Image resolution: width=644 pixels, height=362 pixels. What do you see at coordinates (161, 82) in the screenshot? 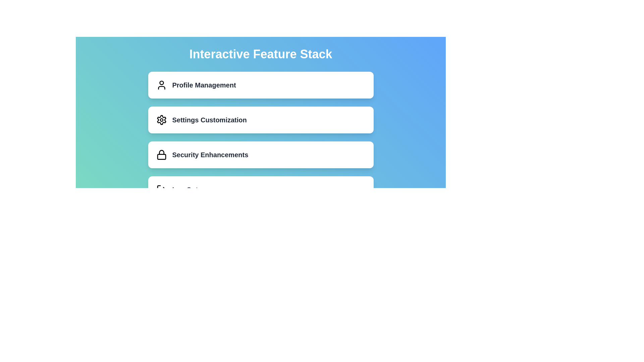
I see `the SVG Circle representing the person's head in the user profile icon located in the left part of the first card under 'Interactive Feature Stack'` at bounding box center [161, 82].